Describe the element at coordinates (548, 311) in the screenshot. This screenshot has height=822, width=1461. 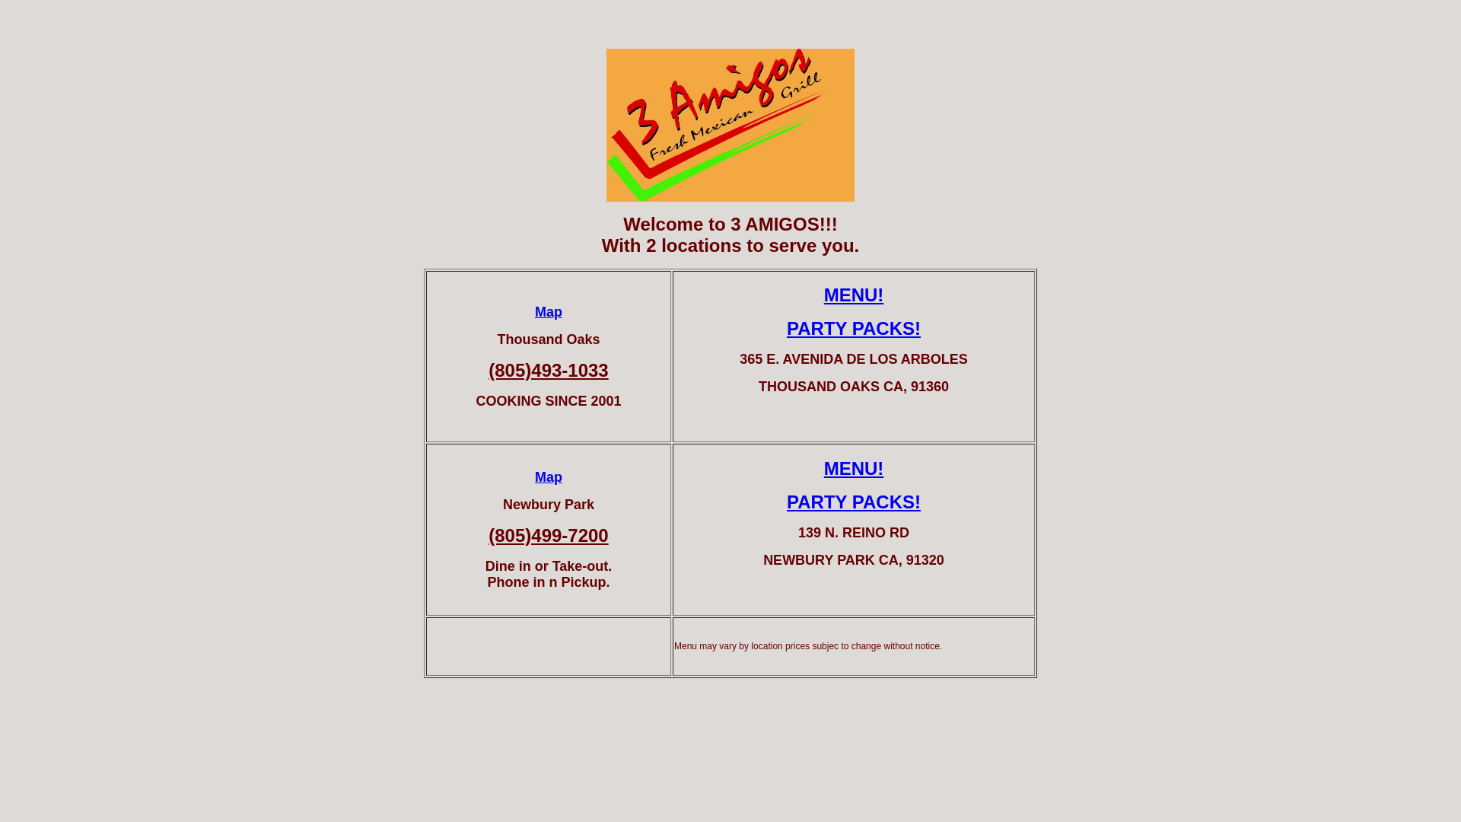
I see `'Map'` at that location.